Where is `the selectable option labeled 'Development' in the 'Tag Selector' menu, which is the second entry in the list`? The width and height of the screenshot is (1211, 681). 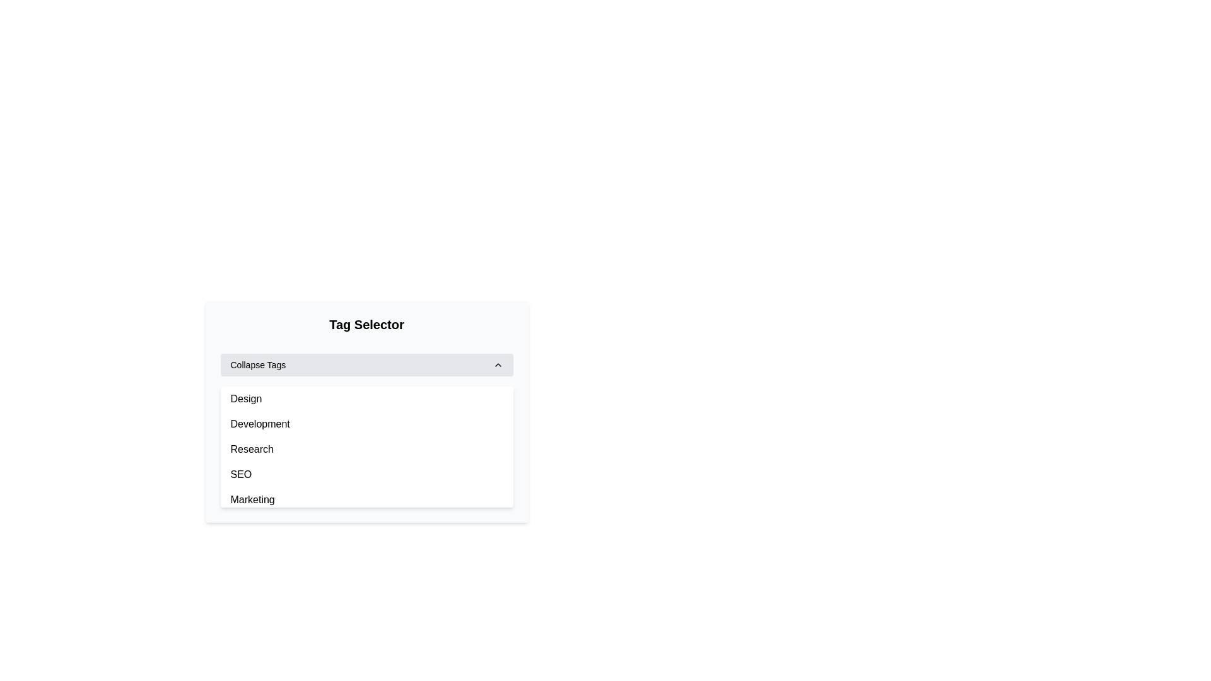
the selectable option labeled 'Development' in the 'Tag Selector' menu, which is the second entry in the list is located at coordinates (259, 424).